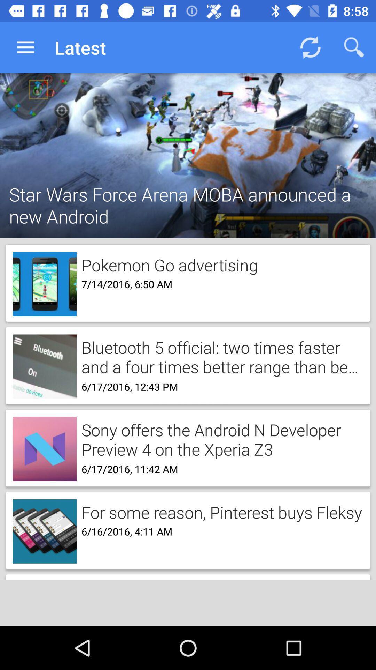  I want to click on the sony offers the item, so click(220, 439).